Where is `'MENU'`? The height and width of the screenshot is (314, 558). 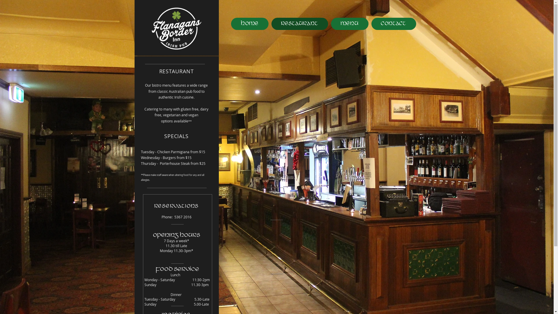 'MENU' is located at coordinates (349, 23).